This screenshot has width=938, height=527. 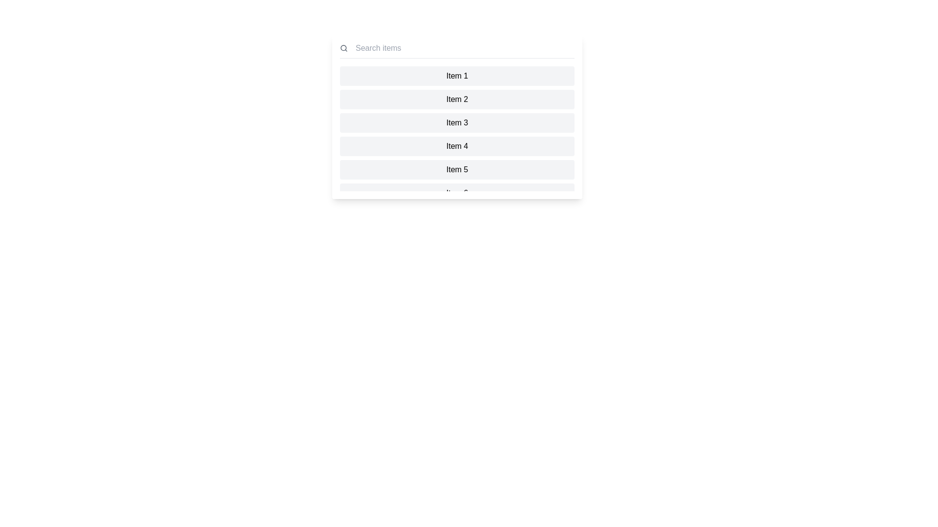 I want to click on the item 3 to highlight it, so click(x=457, y=122).